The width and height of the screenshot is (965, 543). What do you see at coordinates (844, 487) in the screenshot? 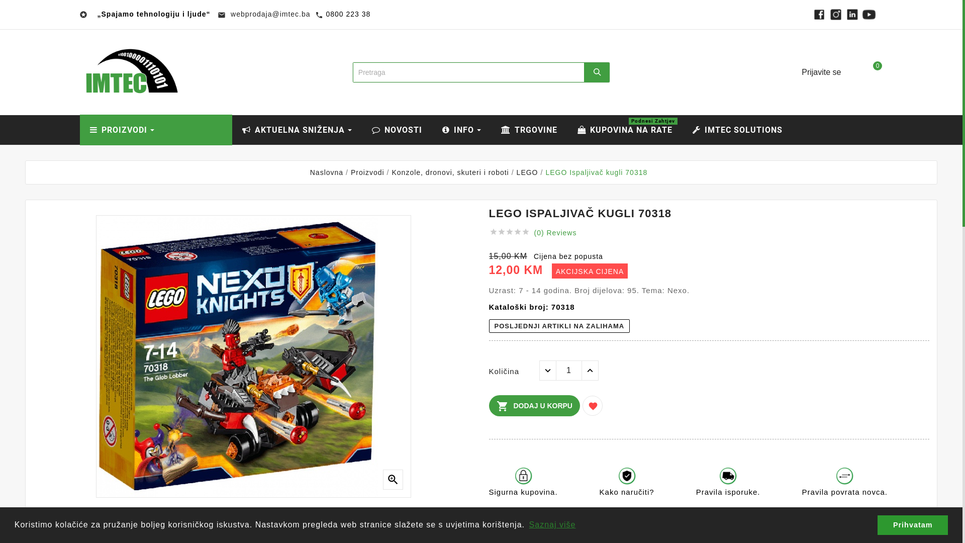
I see `'  Pravila povrata novca.'` at bounding box center [844, 487].